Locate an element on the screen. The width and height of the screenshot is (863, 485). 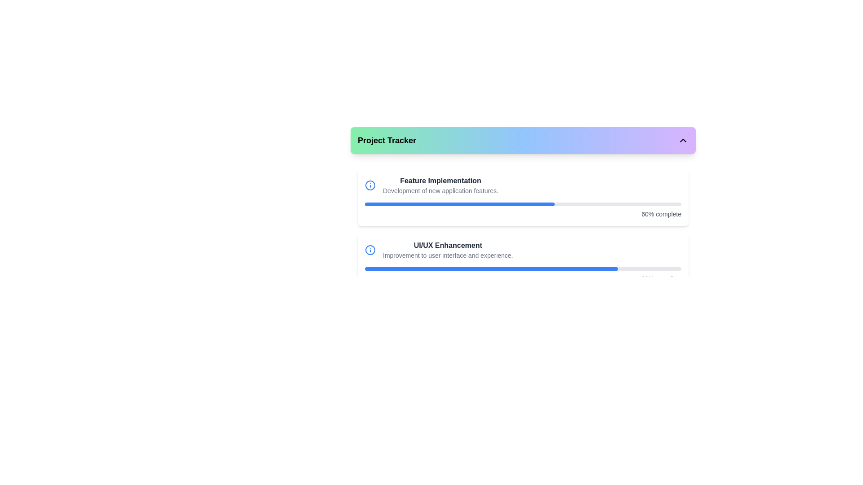
the outer circle of the information icon that precedes the text 'UI/UX Enhancement' in the project list layout is located at coordinates (370, 185).